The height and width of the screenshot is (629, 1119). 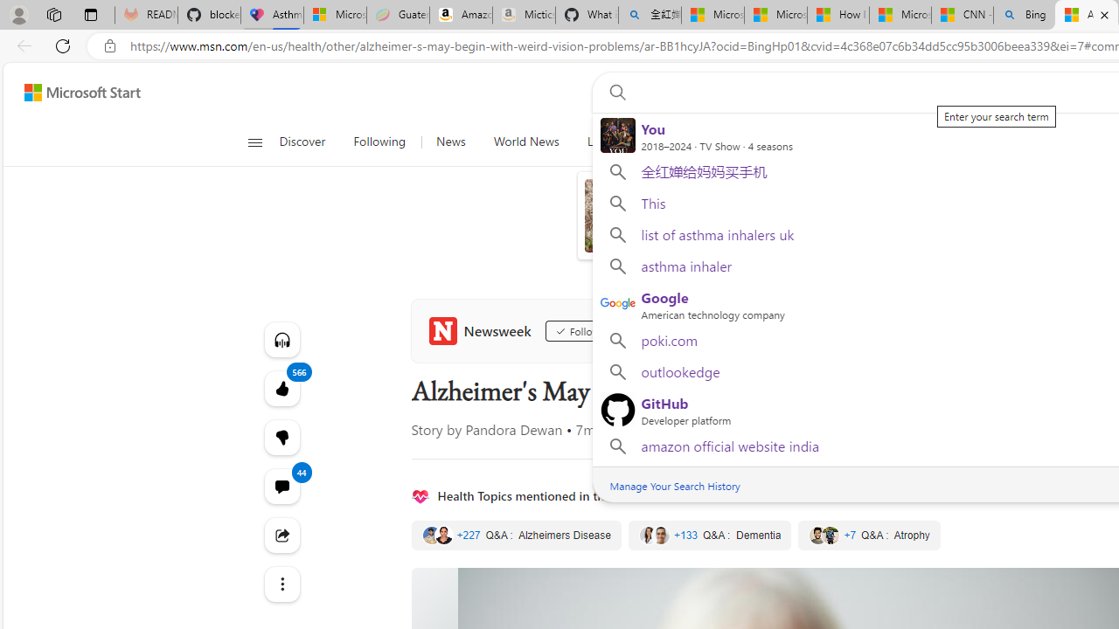 I want to click on 'Class: at-item', so click(x=281, y=584).